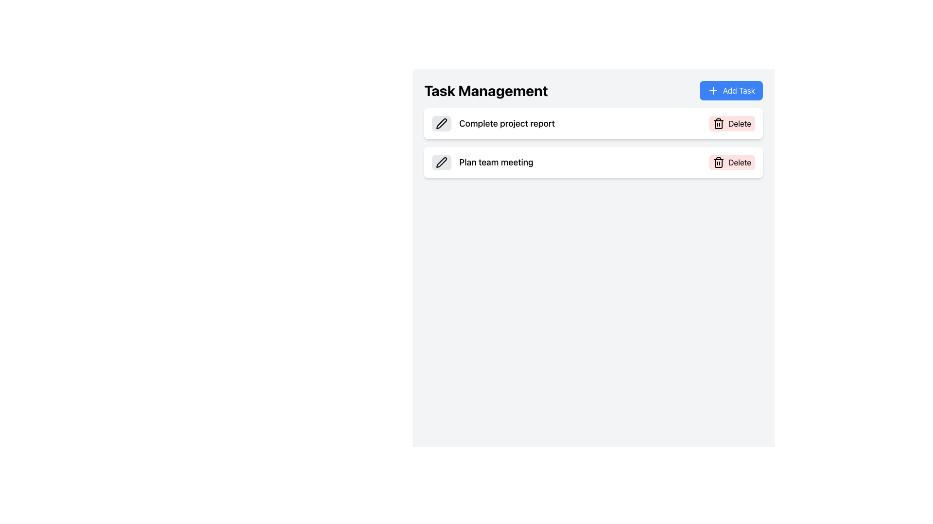 Image resolution: width=933 pixels, height=524 pixels. Describe the element at coordinates (441, 123) in the screenshot. I see `the pen icon in the second task row of the task list, located to the left of the text 'Plan team meeting'` at that location.